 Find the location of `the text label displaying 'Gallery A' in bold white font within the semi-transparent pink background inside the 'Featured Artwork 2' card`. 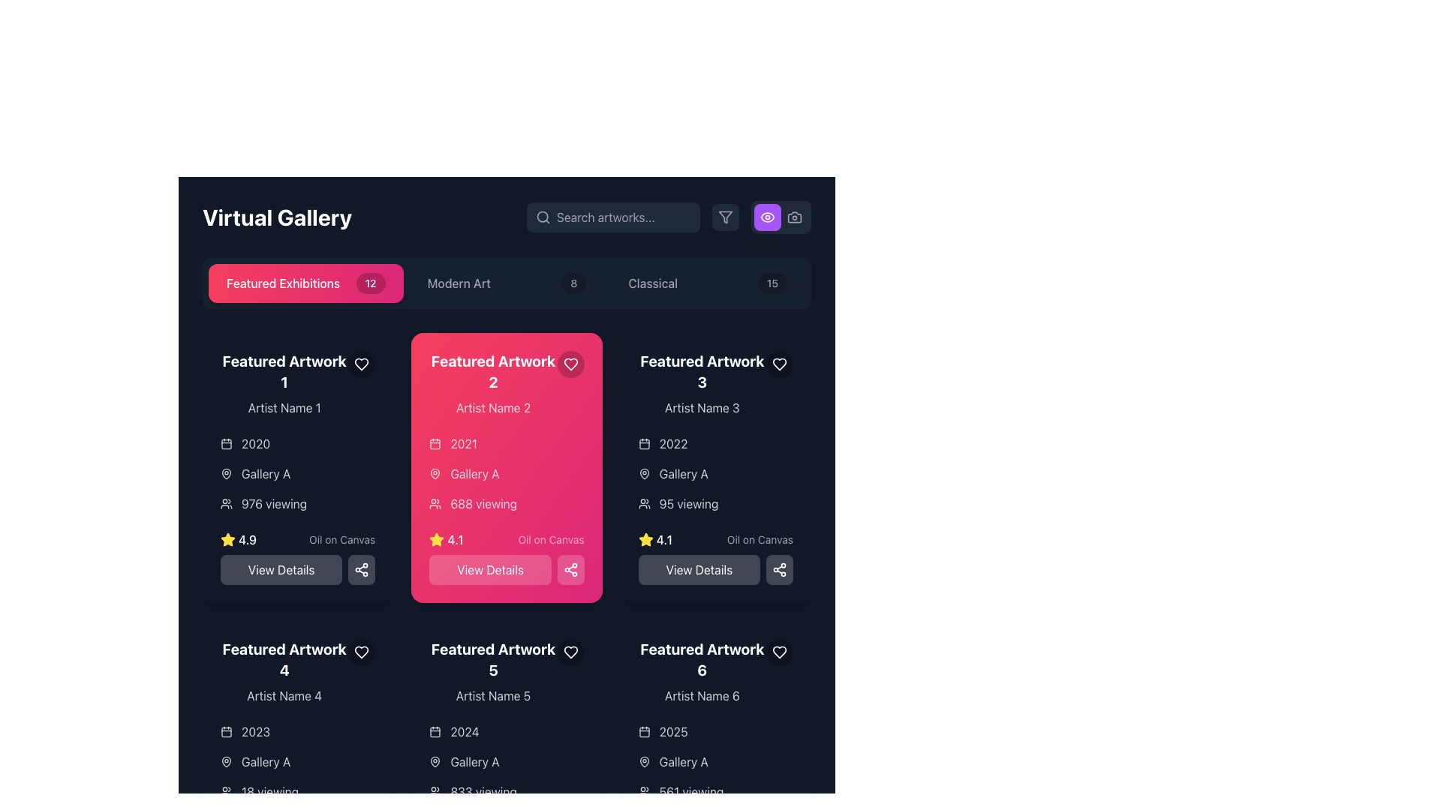

the text label displaying 'Gallery A' in bold white font within the semi-transparent pink background inside the 'Featured Artwork 2' card is located at coordinates (474, 474).